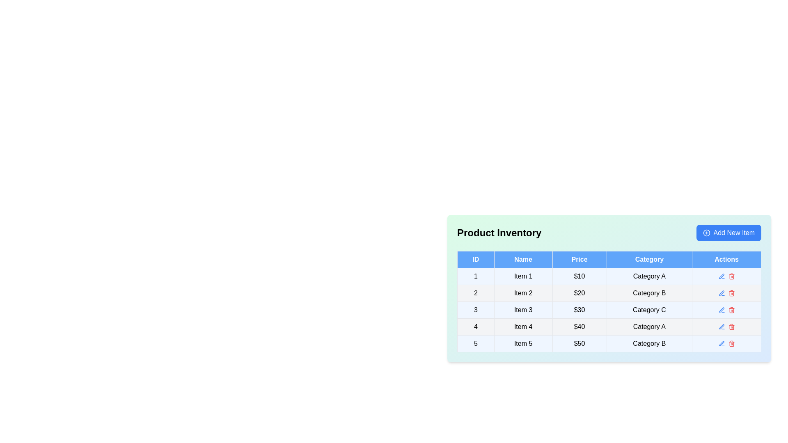 The image size is (788, 443). Describe the element at coordinates (726, 292) in the screenshot. I see `the edit icon in the Actions column of the second row in the Product Inventory table to initiate editing` at that location.